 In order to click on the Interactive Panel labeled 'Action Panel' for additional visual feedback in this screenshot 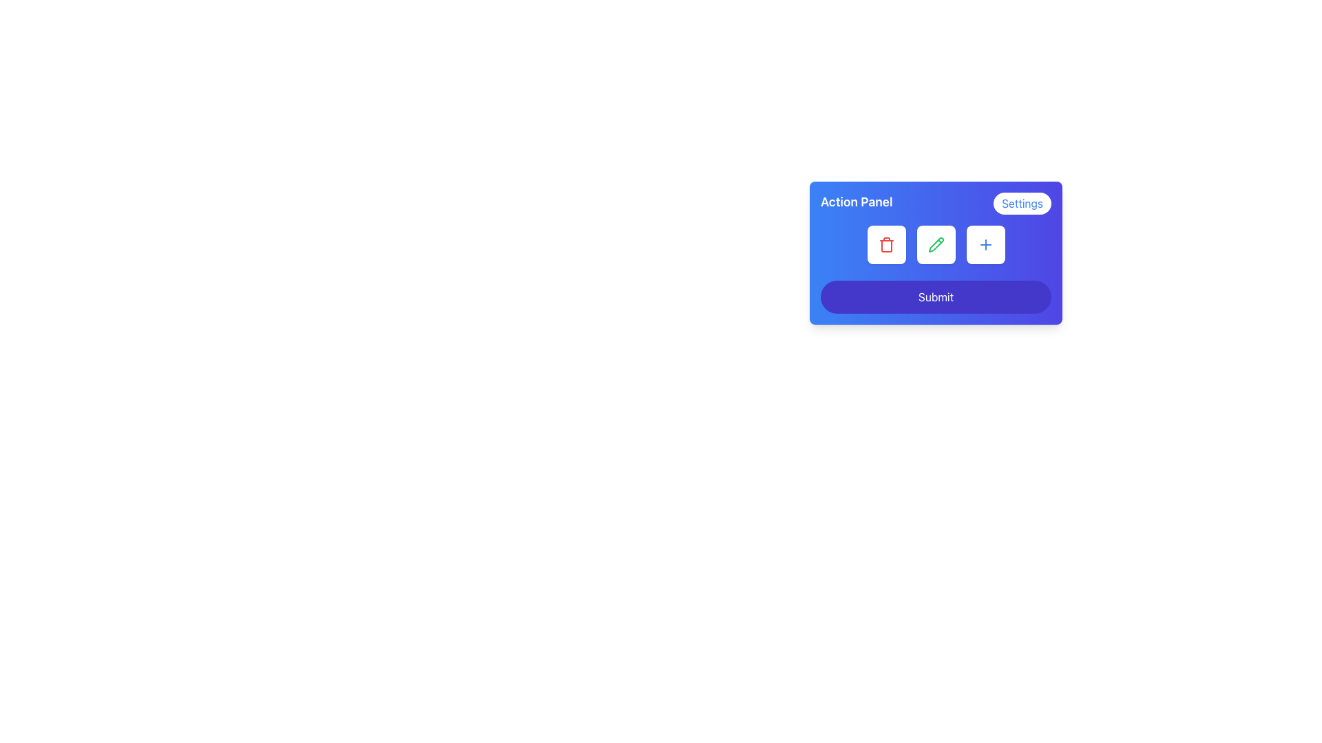, I will do `click(936, 288)`.